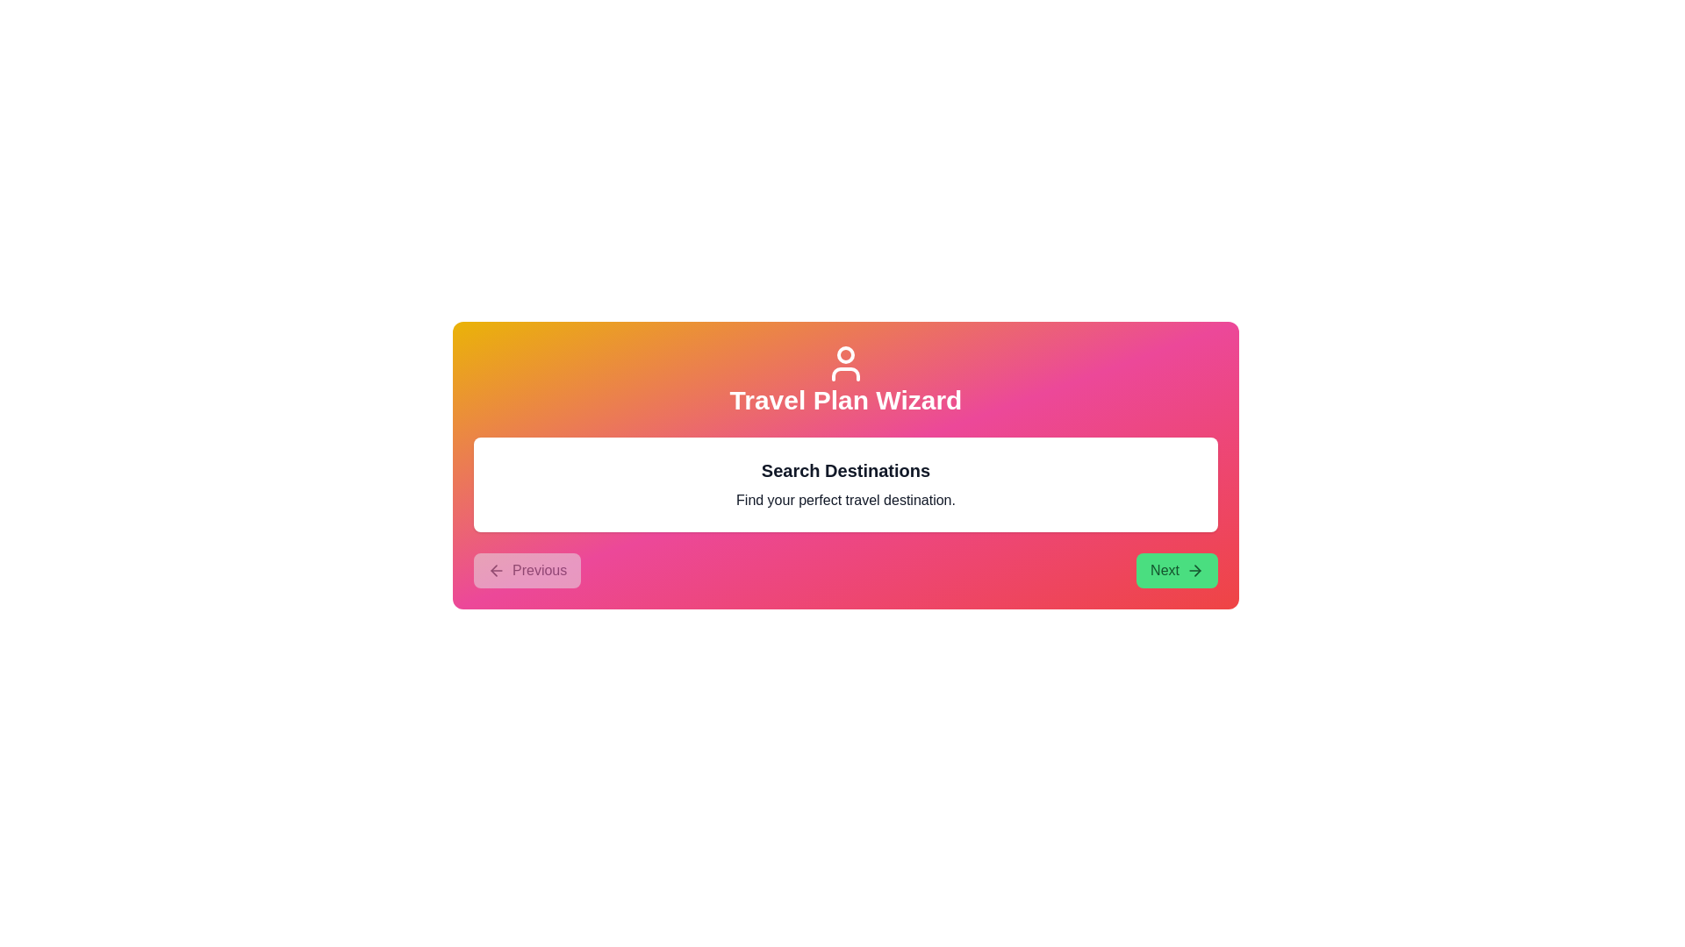 The width and height of the screenshot is (1685, 947). Describe the element at coordinates (1196, 571) in the screenshot. I see `the decorative icon within the green rectangular button labeled 'Next', which indicates a forward navigational action` at that location.